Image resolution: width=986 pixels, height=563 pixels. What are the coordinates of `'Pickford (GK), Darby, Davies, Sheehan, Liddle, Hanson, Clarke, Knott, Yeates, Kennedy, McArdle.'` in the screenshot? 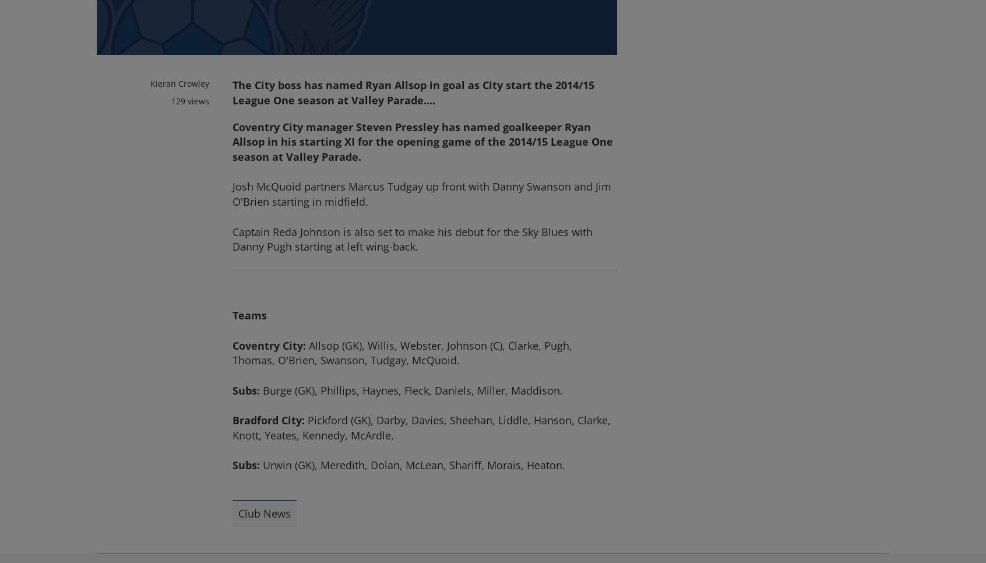 It's located at (421, 427).